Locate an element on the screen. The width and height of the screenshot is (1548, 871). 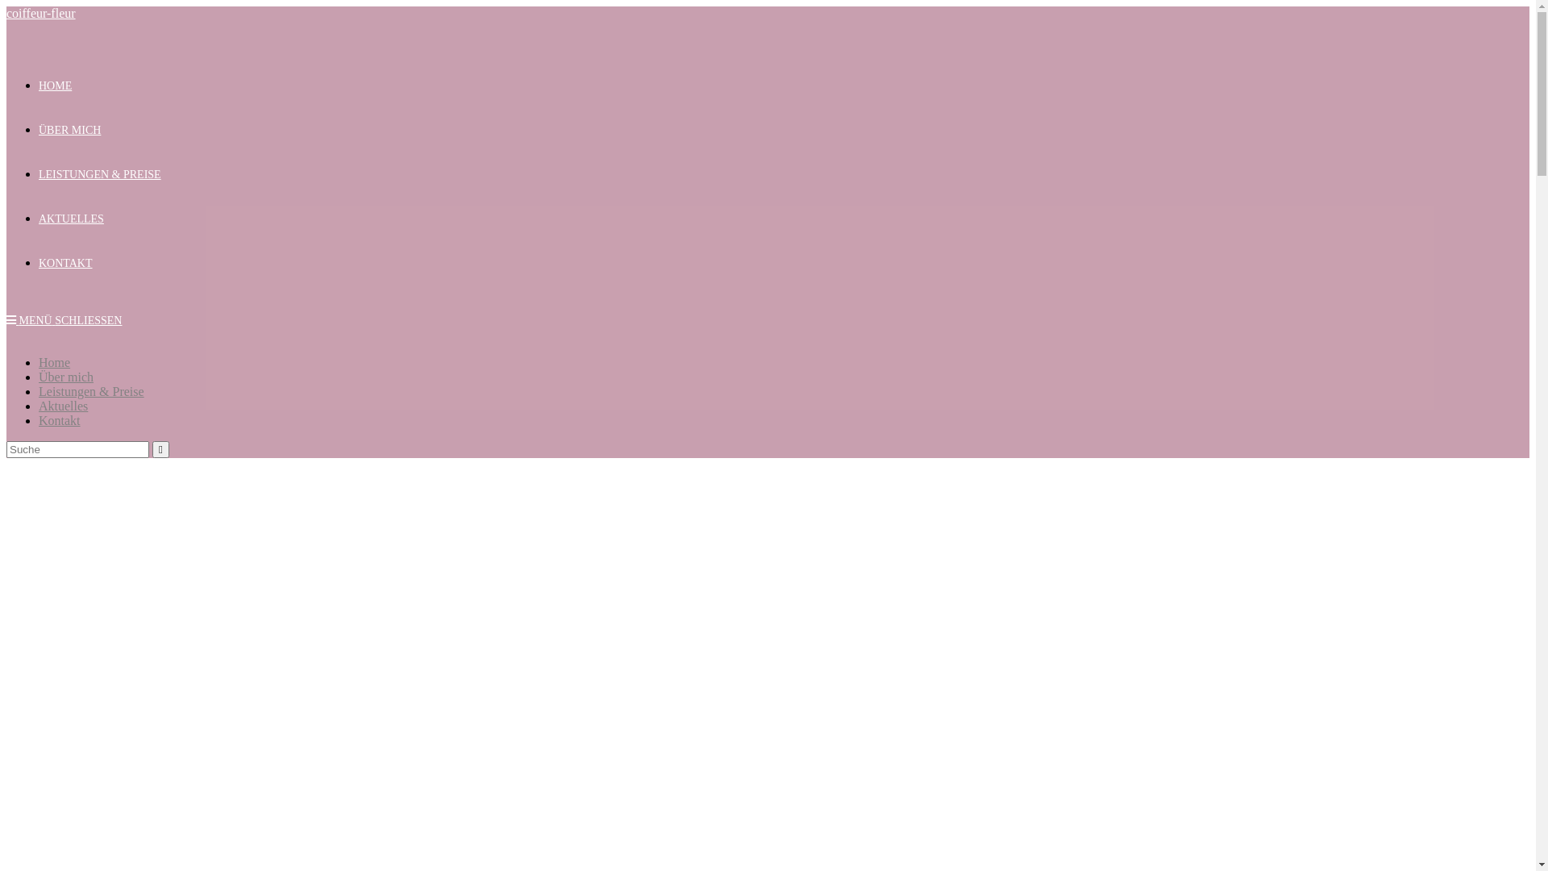
'Leistungen & Preise' is located at coordinates (39, 391).